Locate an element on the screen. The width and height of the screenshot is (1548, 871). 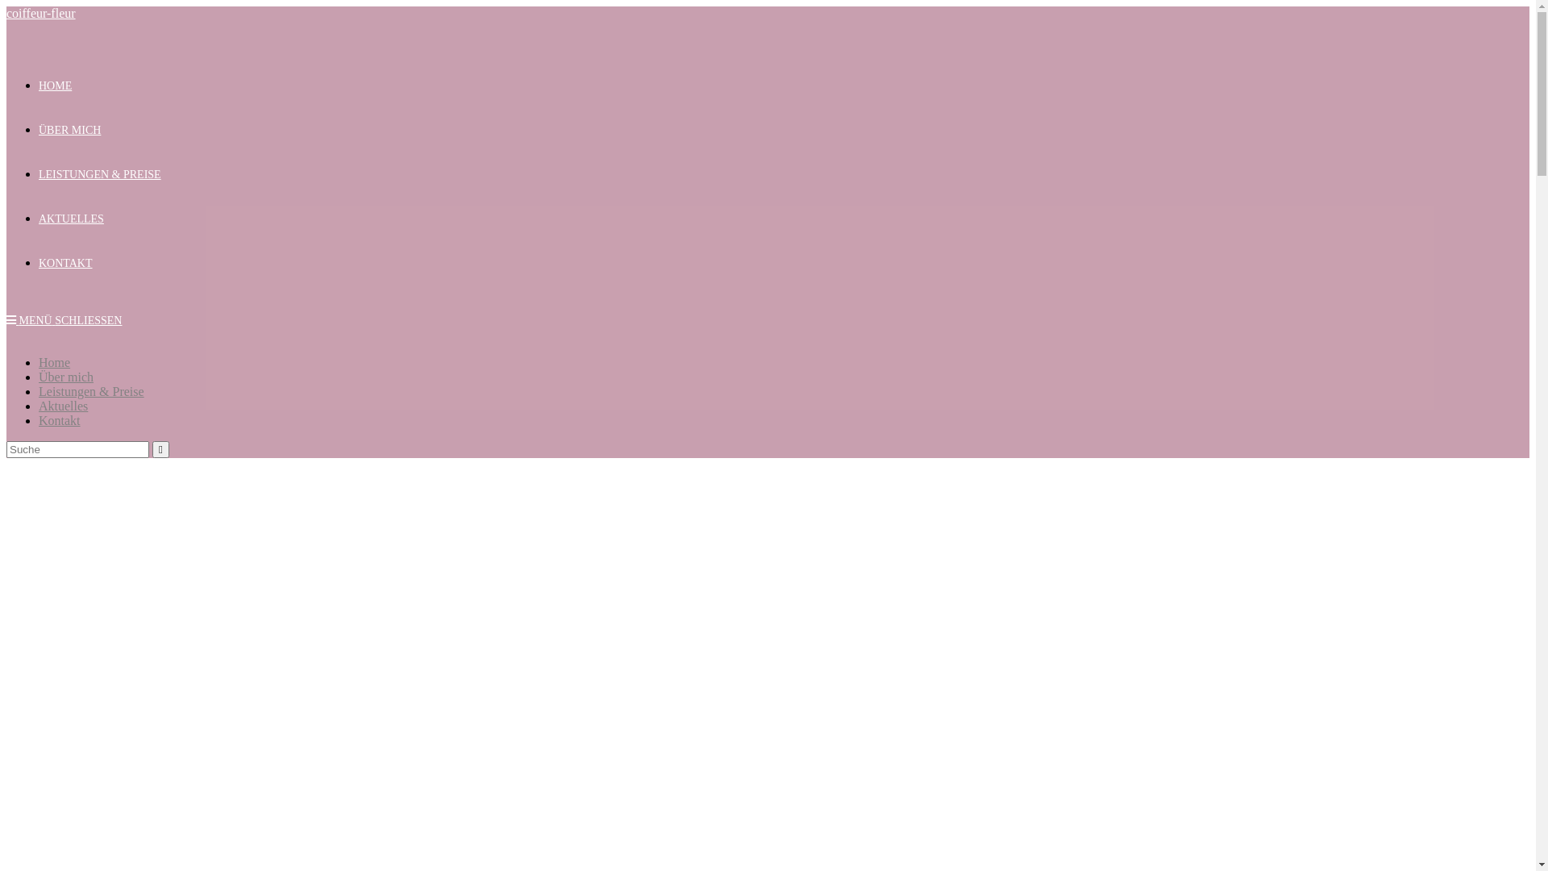
'Leistungen & Preise' is located at coordinates (39, 391).